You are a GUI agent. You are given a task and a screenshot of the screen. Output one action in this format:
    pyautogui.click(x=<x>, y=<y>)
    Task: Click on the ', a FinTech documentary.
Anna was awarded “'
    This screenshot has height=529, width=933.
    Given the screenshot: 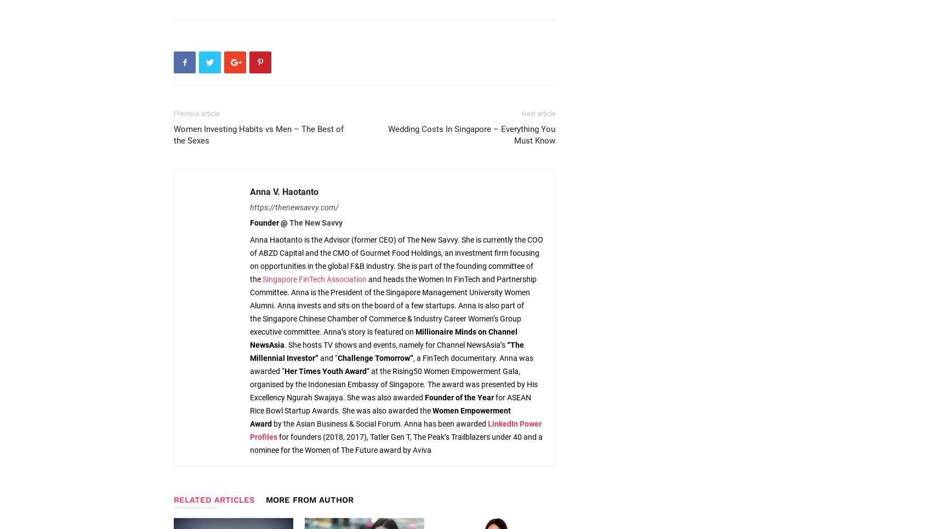 What is the action you would take?
    pyautogui.click(x=391, y=364)
    